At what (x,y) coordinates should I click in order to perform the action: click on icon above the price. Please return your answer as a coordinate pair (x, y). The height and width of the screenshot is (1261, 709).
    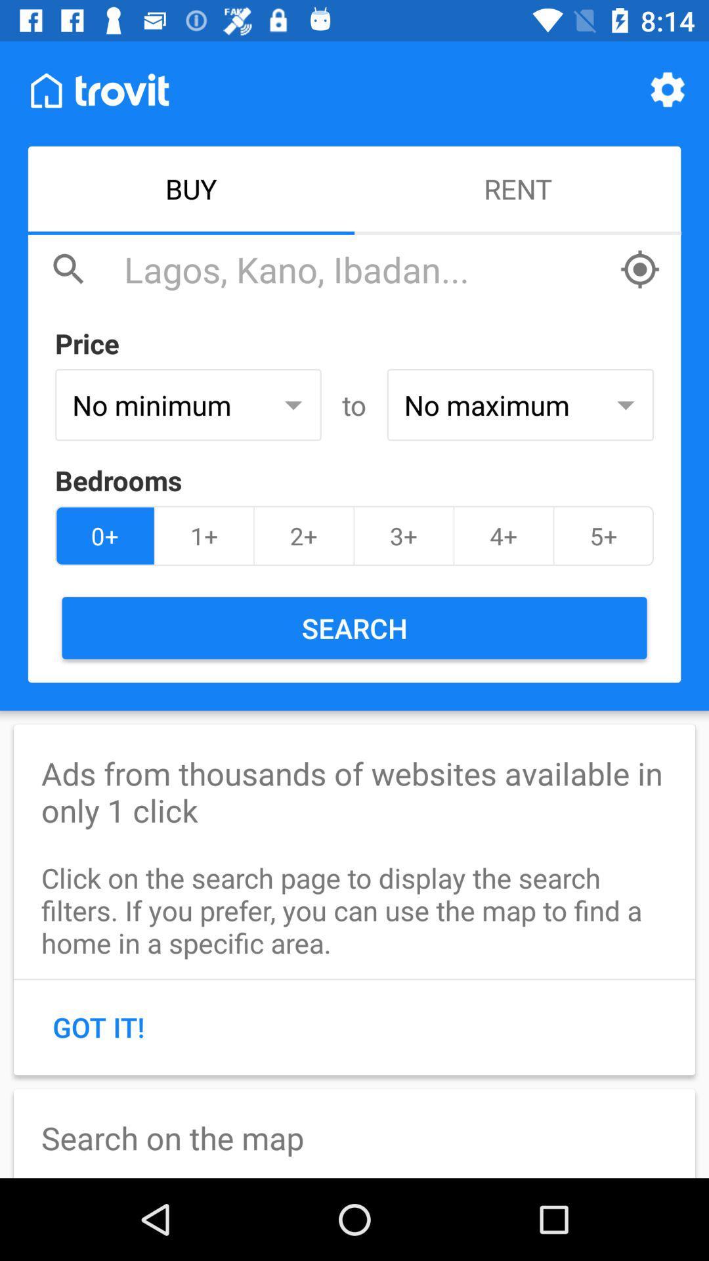
    Looking at the image, I should click on (364, 269).